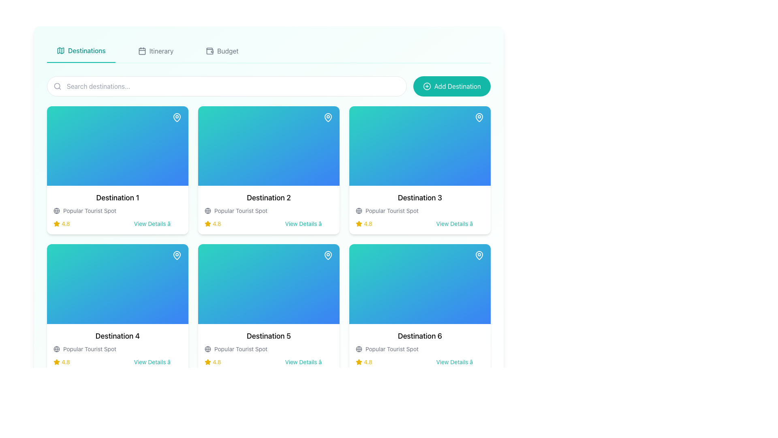 The width and height of the screenshot is (778, 438). Describe the element at coordinates (208, 223) in the screenshot. I see `the star icon with a yellow fill, positioned next to the text '4.8' in the lower-left section of the 'Destination 2' card` at that location.